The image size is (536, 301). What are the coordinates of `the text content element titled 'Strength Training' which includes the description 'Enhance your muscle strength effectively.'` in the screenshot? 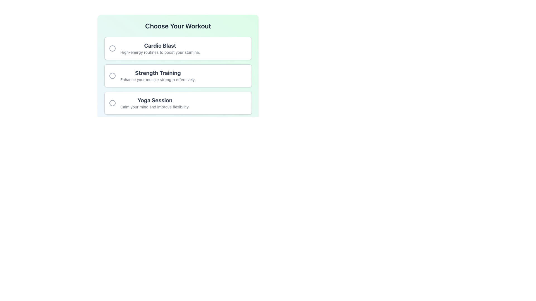 It's located at (157, 76).